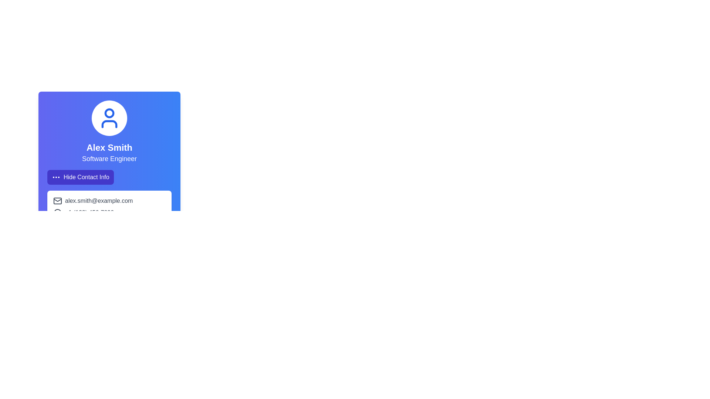 The height and width of the screenshot is (399, 710). Describe the element at coordinates (80, 177) in the screenshot. I see `the button with rounded corners and a blue background that says 'Hide Contact Info', which is located below the text 'Software Engineer'` at that location.